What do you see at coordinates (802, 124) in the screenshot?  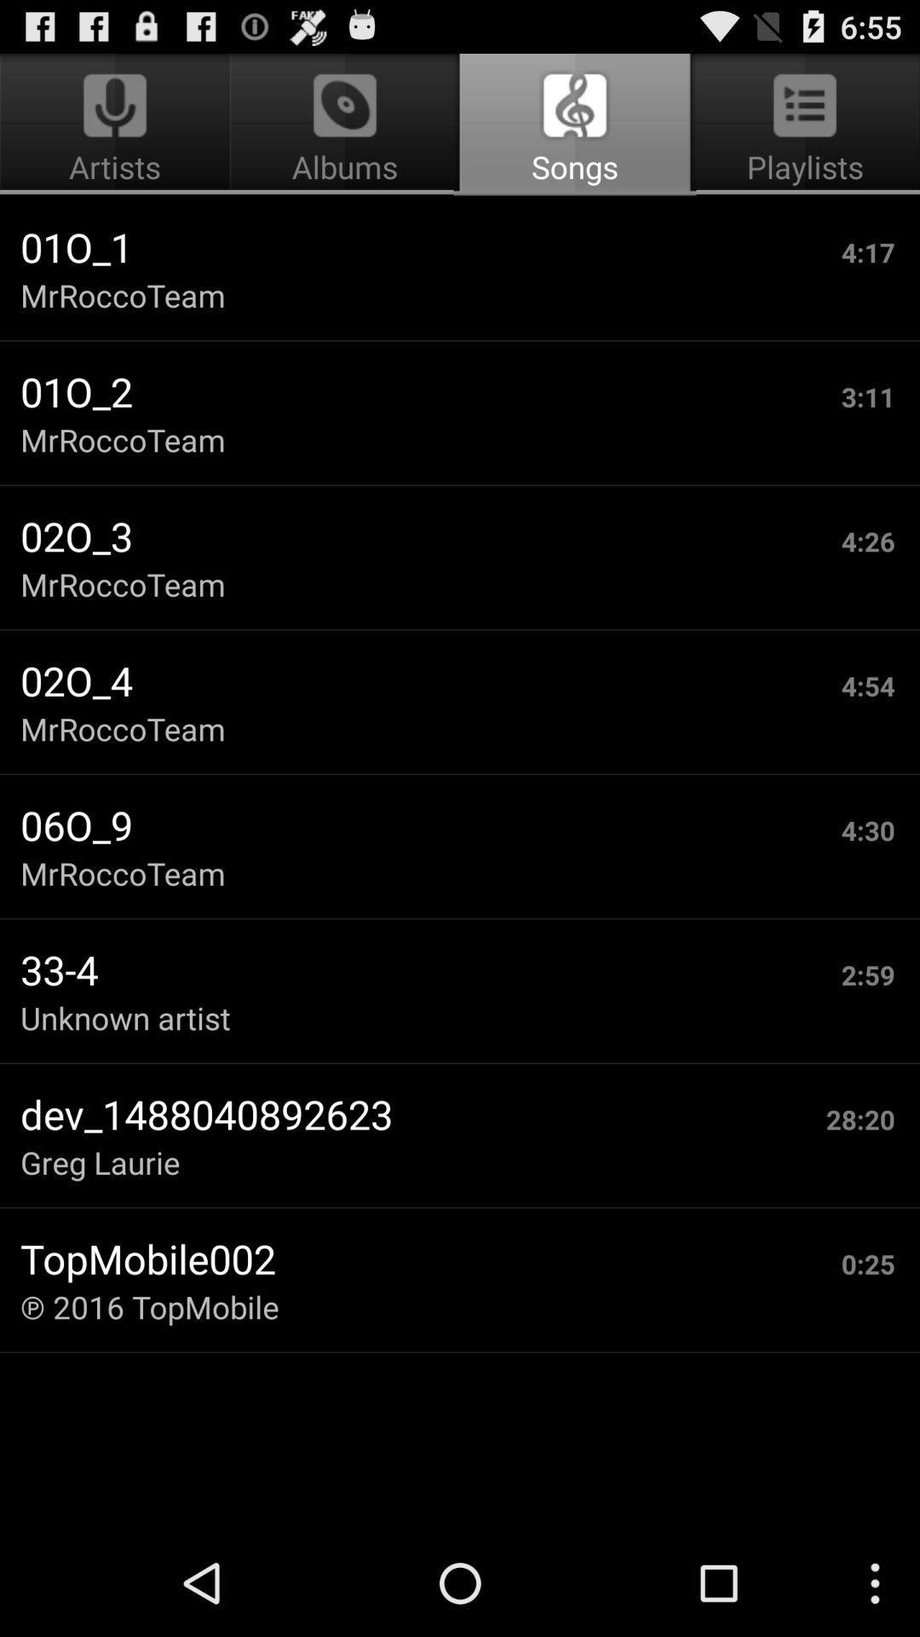 I see `the app next to albums icon` at bounding box center [802, 124].